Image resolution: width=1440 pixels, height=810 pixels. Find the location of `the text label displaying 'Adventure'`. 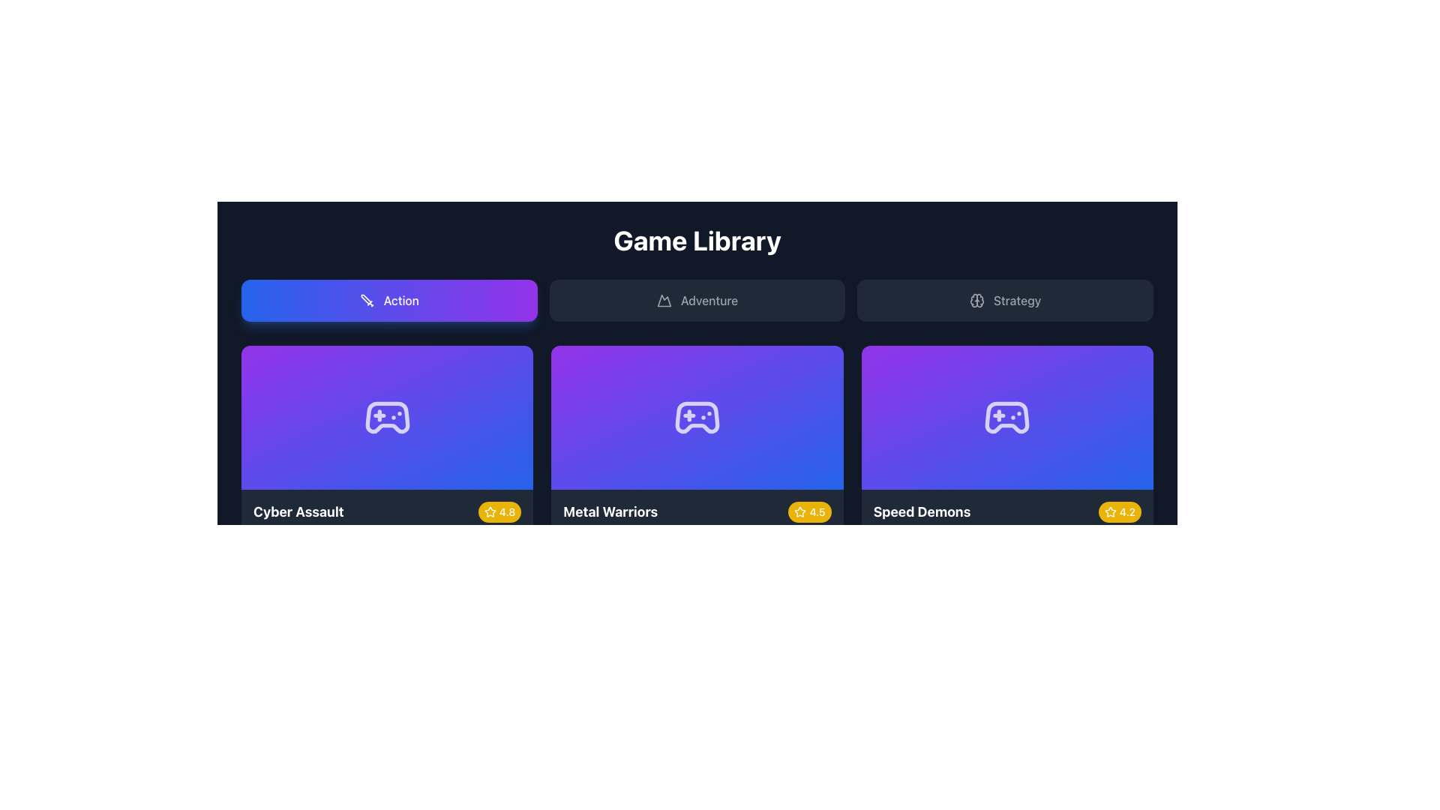

the text label displaying 'Adventure' is located at coordinates (708, 301).